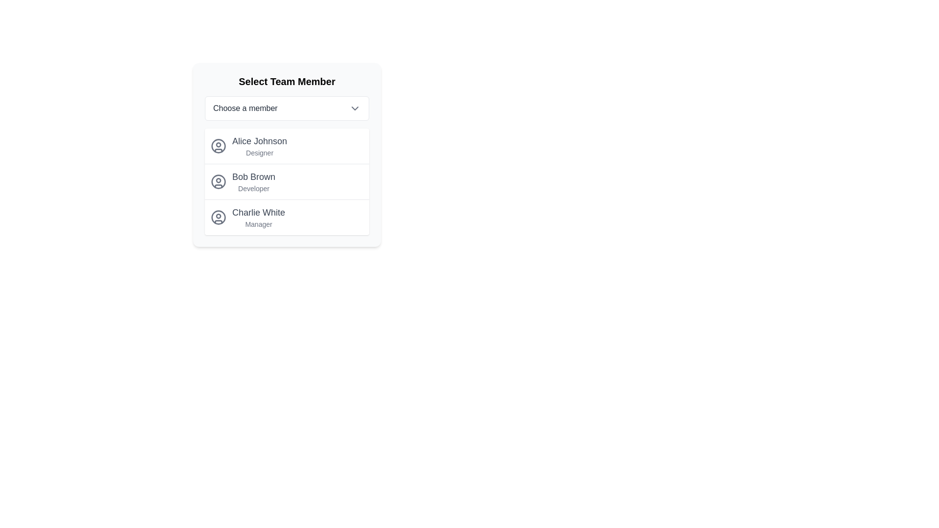  What do you see at coordinates (260, 141) in the screenshot?
I see `the static text label displaying 'Alice Johnson' which is styled in dark gray and positioned at the top-left corner of the first member card` at bounding box center [260, 141].